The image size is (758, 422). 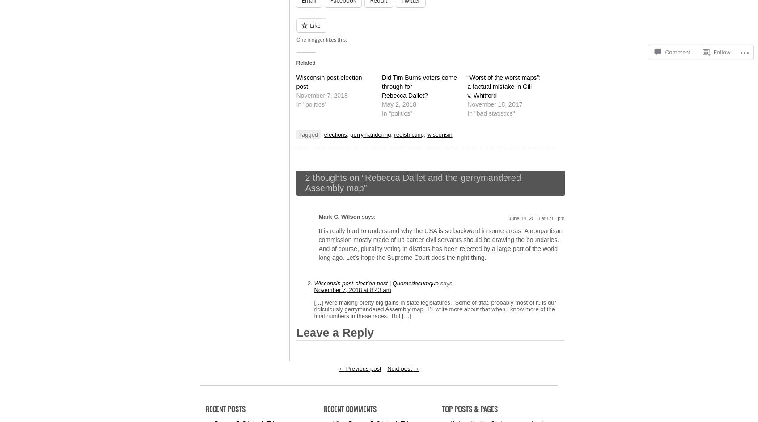 What do you see at coordinates (409, 134) in the screenshot?
I see `'redistricting'` at bounding box center [409, 134].